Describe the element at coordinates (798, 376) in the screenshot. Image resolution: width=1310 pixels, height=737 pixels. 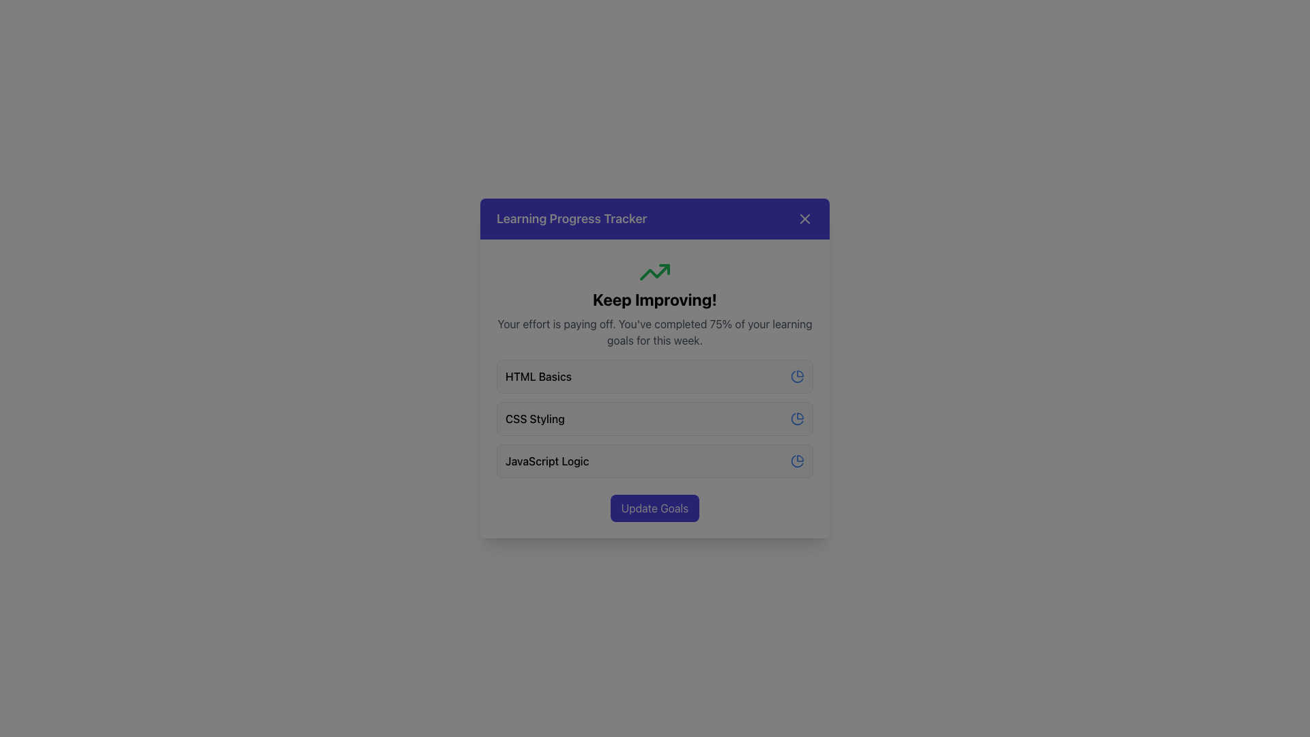
I see `the circular pie chart icon with a blue outline located in the right section of the 'HTML Basics' row in the 'Learning Progress Tracker' interface` at that location.